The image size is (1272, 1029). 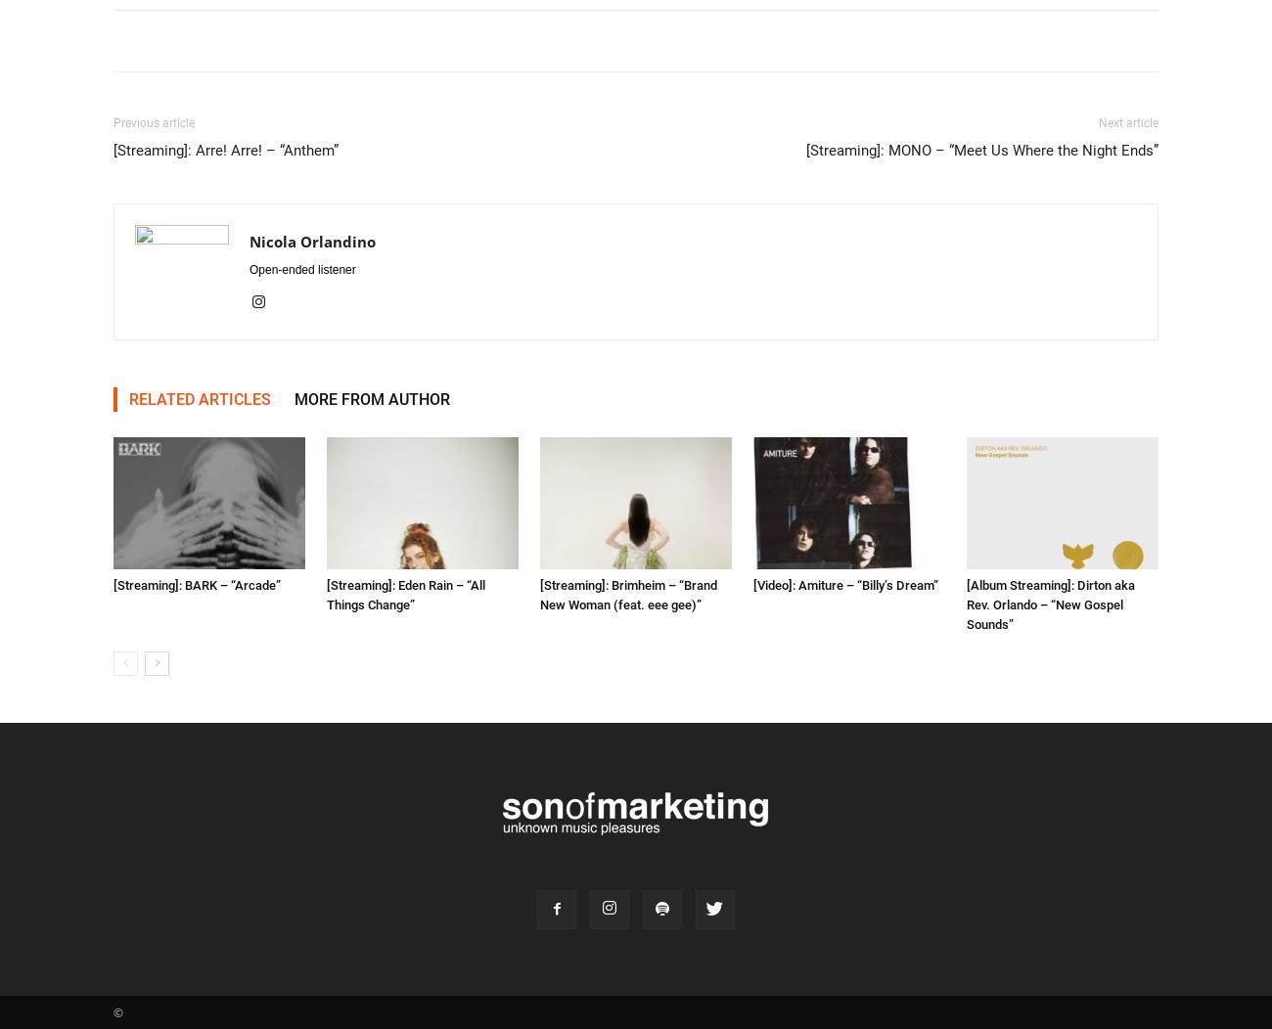 I want to click on 'Next article', so click(x=1097, y=123).